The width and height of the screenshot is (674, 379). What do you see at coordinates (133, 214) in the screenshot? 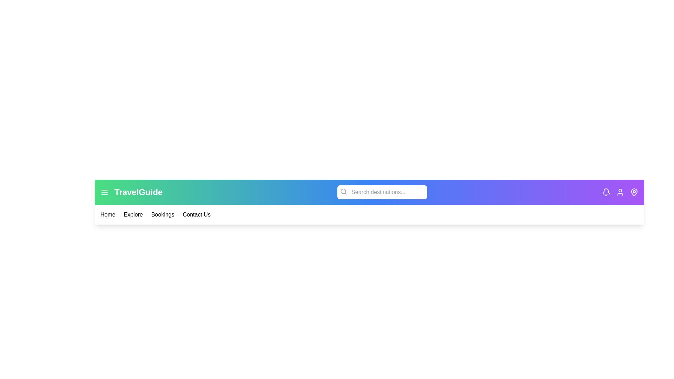
I see `the menu item Explore from the navigation bar` at bounding box center [133, 214].